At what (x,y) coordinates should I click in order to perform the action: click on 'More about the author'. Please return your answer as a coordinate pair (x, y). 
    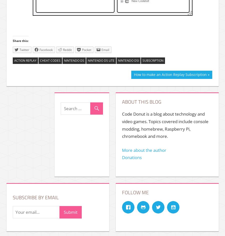
    Looking at the image, I should click on (144, 150).